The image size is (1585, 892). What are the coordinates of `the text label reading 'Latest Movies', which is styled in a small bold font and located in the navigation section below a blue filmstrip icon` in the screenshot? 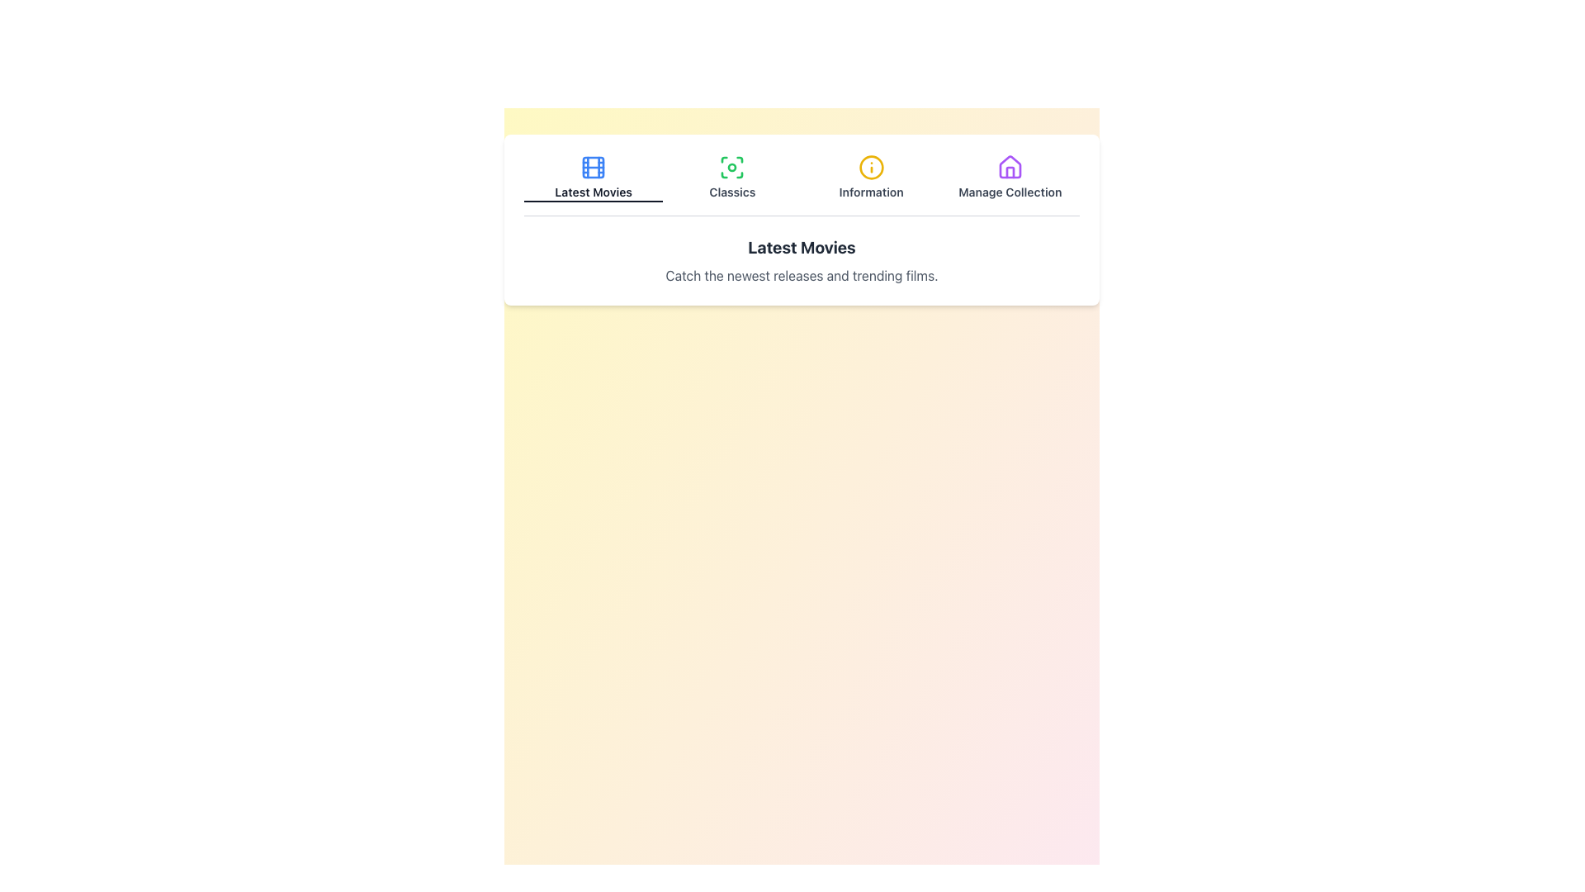 It's located at (594, 191).